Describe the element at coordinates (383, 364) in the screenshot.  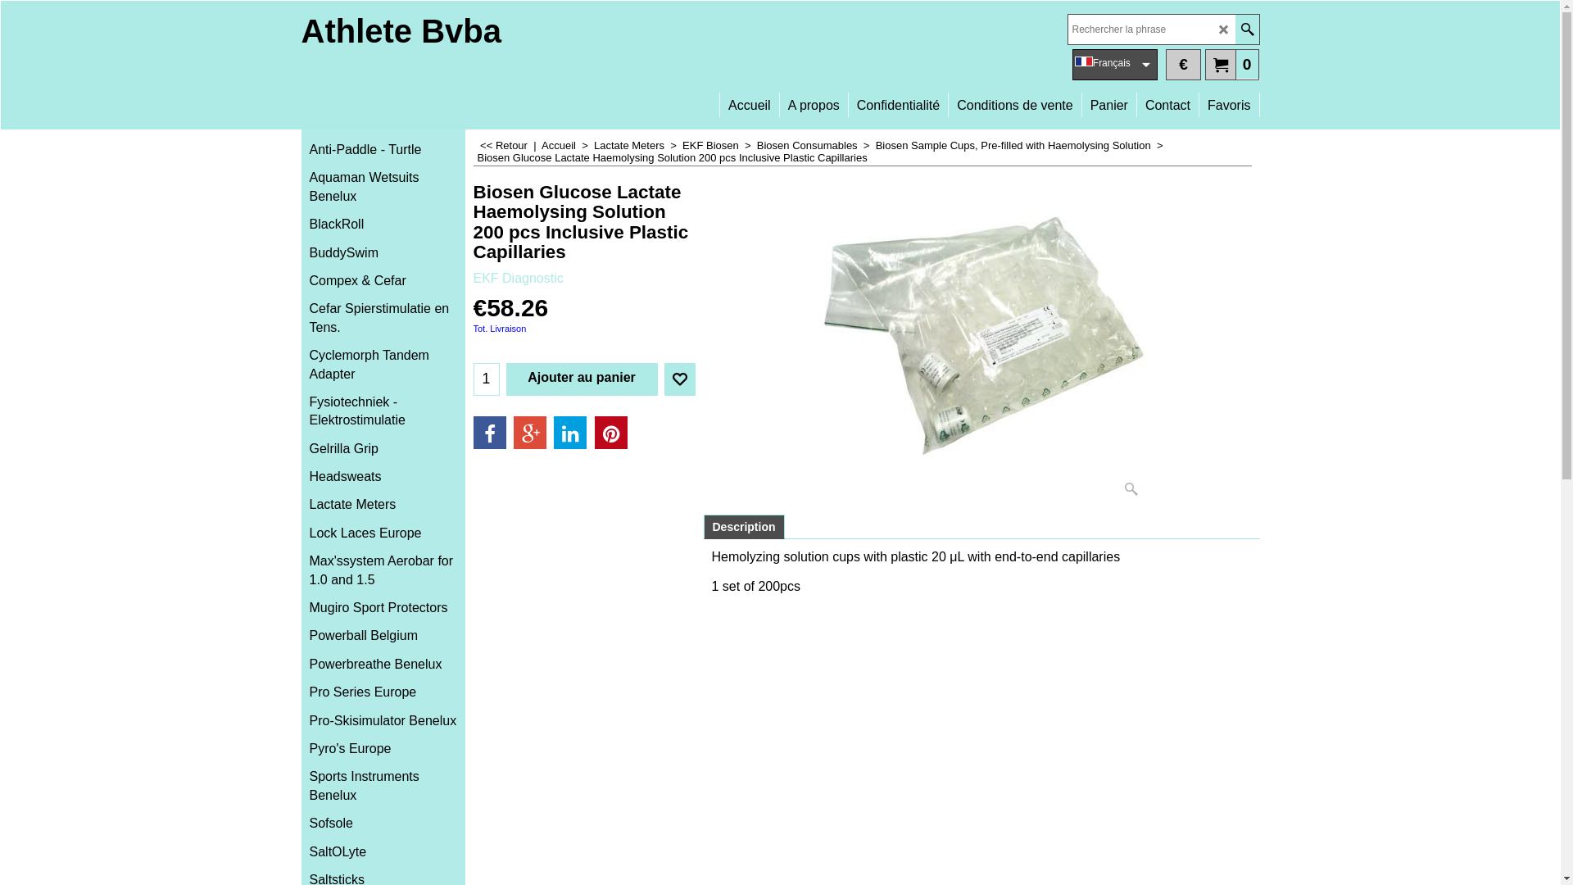
I see `'Cyclemorph Tandem Adapter'` at that location.